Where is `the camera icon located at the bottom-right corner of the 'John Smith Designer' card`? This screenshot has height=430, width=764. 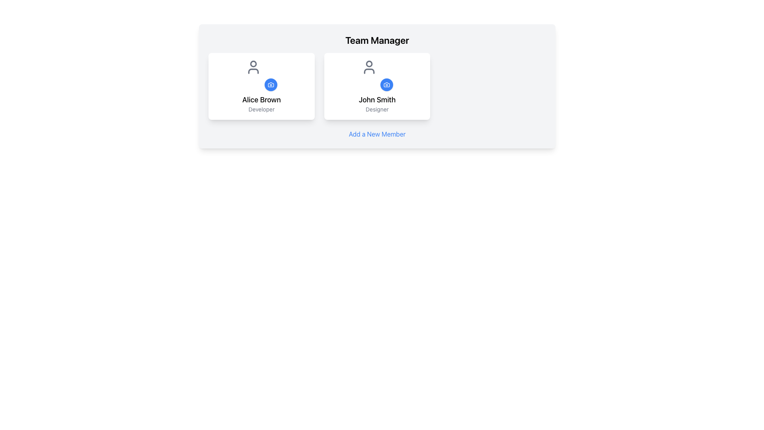 the camera icon located at the bottom-right corner of the 'John Smith Designer' card is located at coordinates (386, 84).